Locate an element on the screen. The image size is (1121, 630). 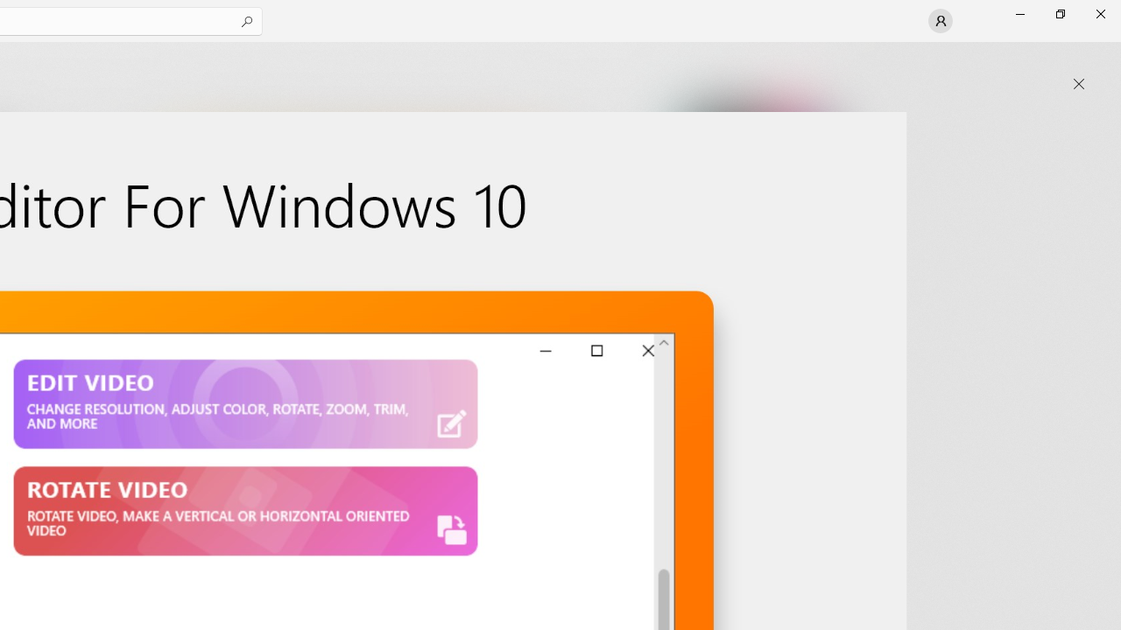
'Close Microsoft Store' is located at coordinates (1099, 13).